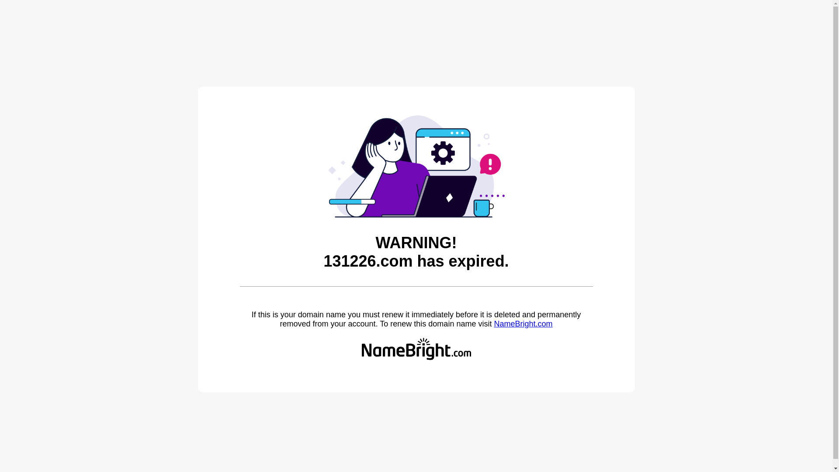 The height and width of the screenshot is (472, 839). Describe the element at coordinates (523, 323) in the screenshot. I see `'NameBright.com'` at that location.